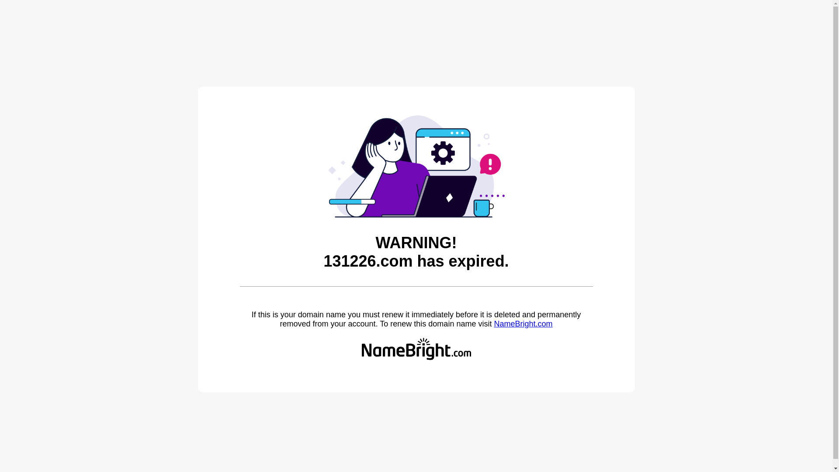 The height and width of the screenshot is (472, 839). Describe the element at coordinates (523, 323) in the screenshot. I see `'NameBright.com'` at that location.